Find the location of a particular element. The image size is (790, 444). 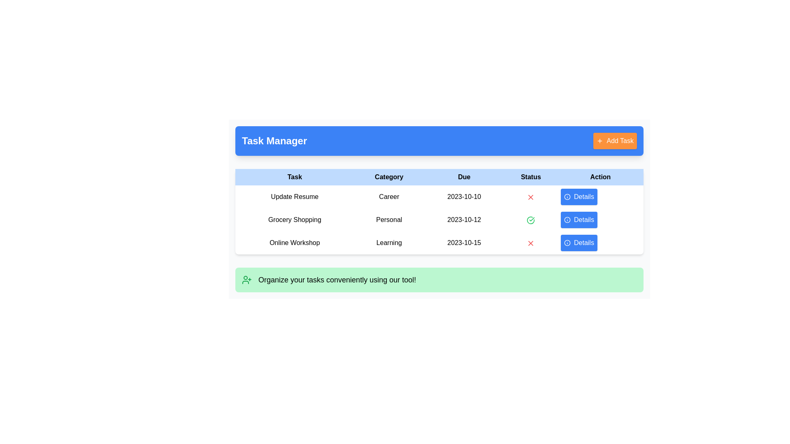

text of the 'Online Workshop' label located in the third row under the 'Task' column of the table is located at coordinates (295, 242).